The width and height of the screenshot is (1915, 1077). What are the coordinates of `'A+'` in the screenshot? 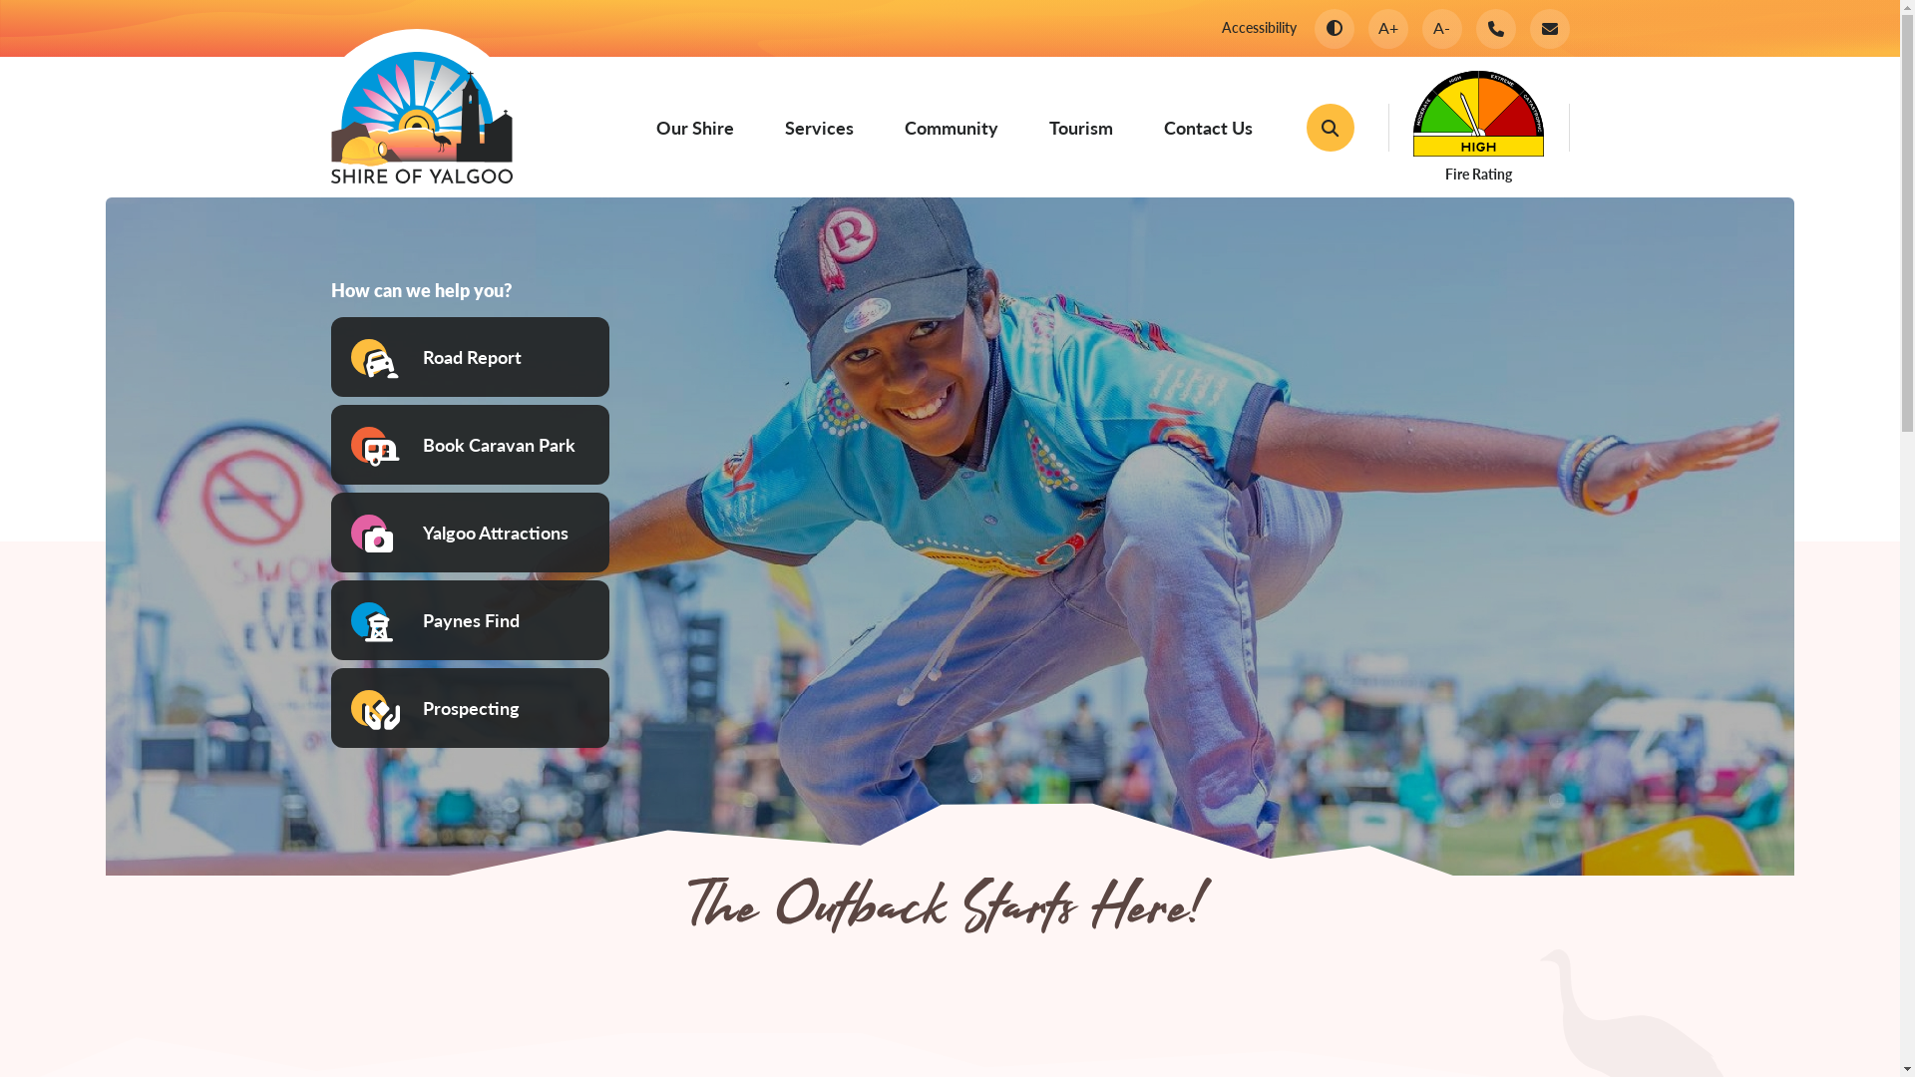 It's located at (1387, 27).